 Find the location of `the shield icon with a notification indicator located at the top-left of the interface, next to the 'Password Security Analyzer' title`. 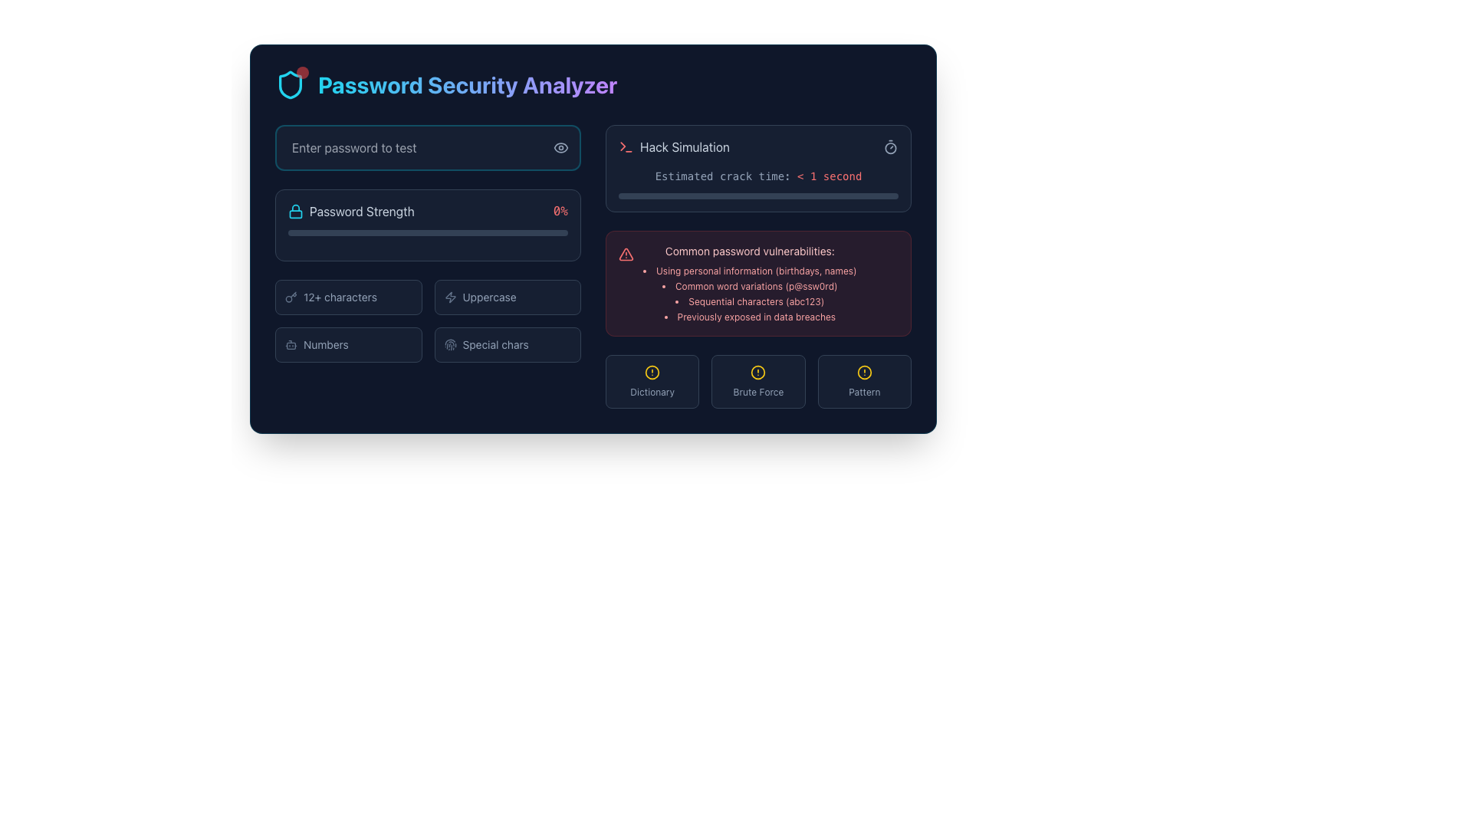

the shield icon with a notification indicator located at the top-left of the interface, next to the 'Password Security Analyzer' title is located at coordinates (291, 85).